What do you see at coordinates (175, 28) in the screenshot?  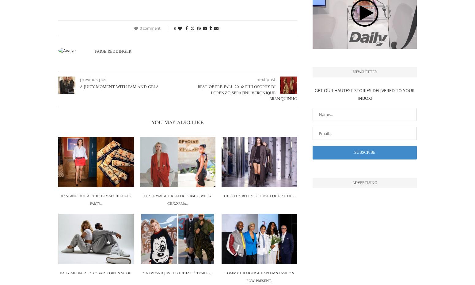 I see `'0'` at bounding box center [175, 28].